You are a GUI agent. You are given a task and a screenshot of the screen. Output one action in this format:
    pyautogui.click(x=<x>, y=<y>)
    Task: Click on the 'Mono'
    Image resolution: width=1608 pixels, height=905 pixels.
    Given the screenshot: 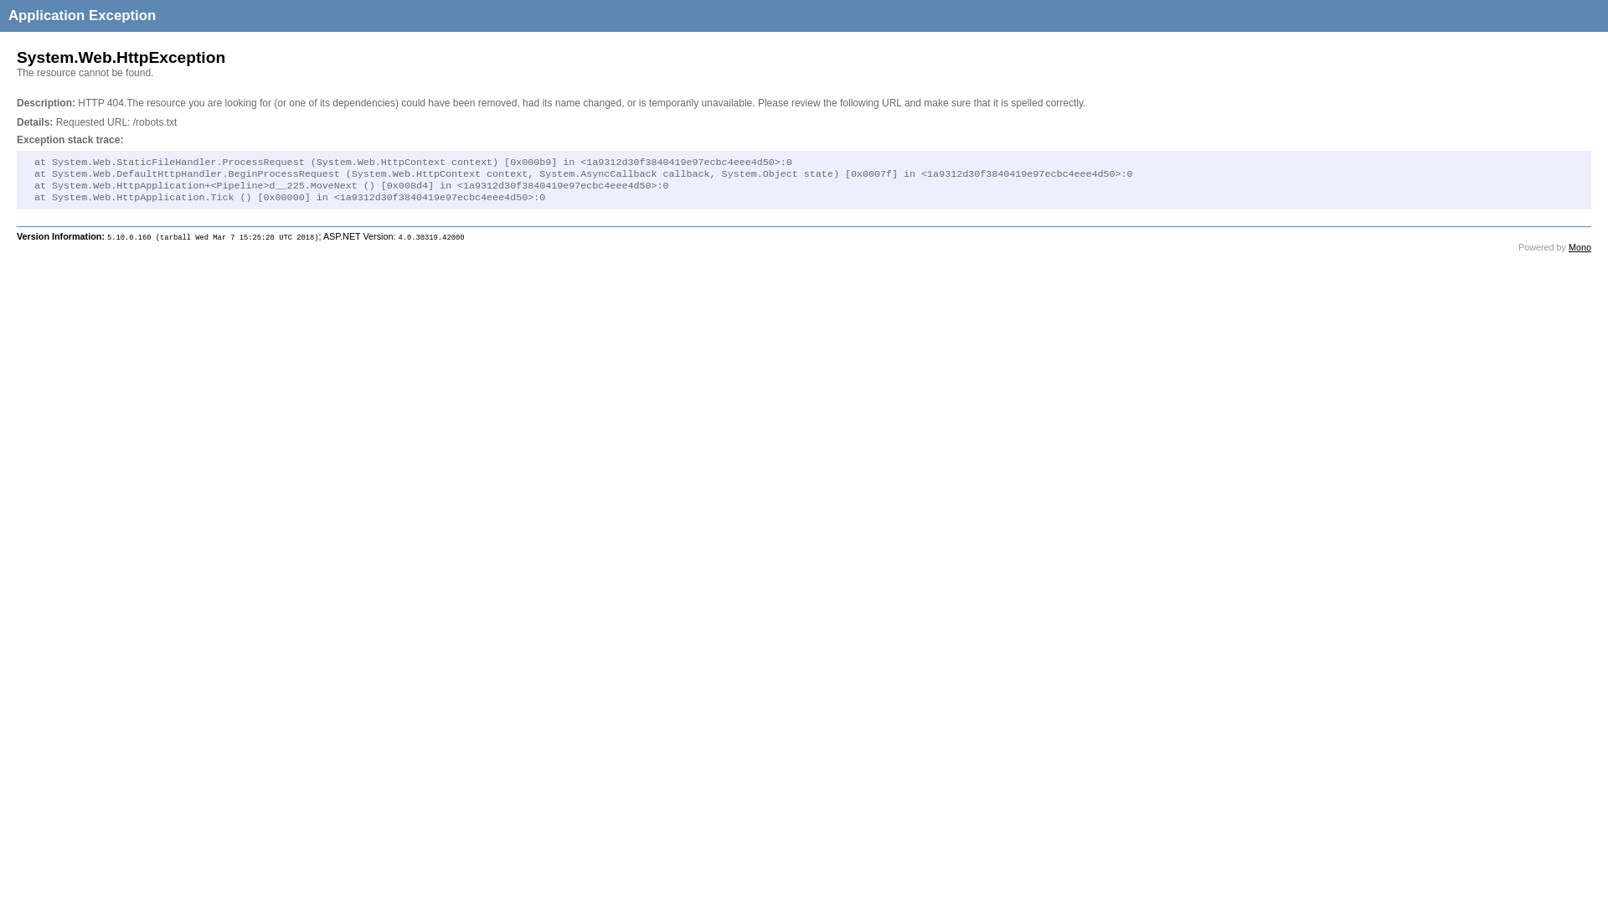 What is the action you would take?
    pyautogui.click(x=1579, y=246)
    